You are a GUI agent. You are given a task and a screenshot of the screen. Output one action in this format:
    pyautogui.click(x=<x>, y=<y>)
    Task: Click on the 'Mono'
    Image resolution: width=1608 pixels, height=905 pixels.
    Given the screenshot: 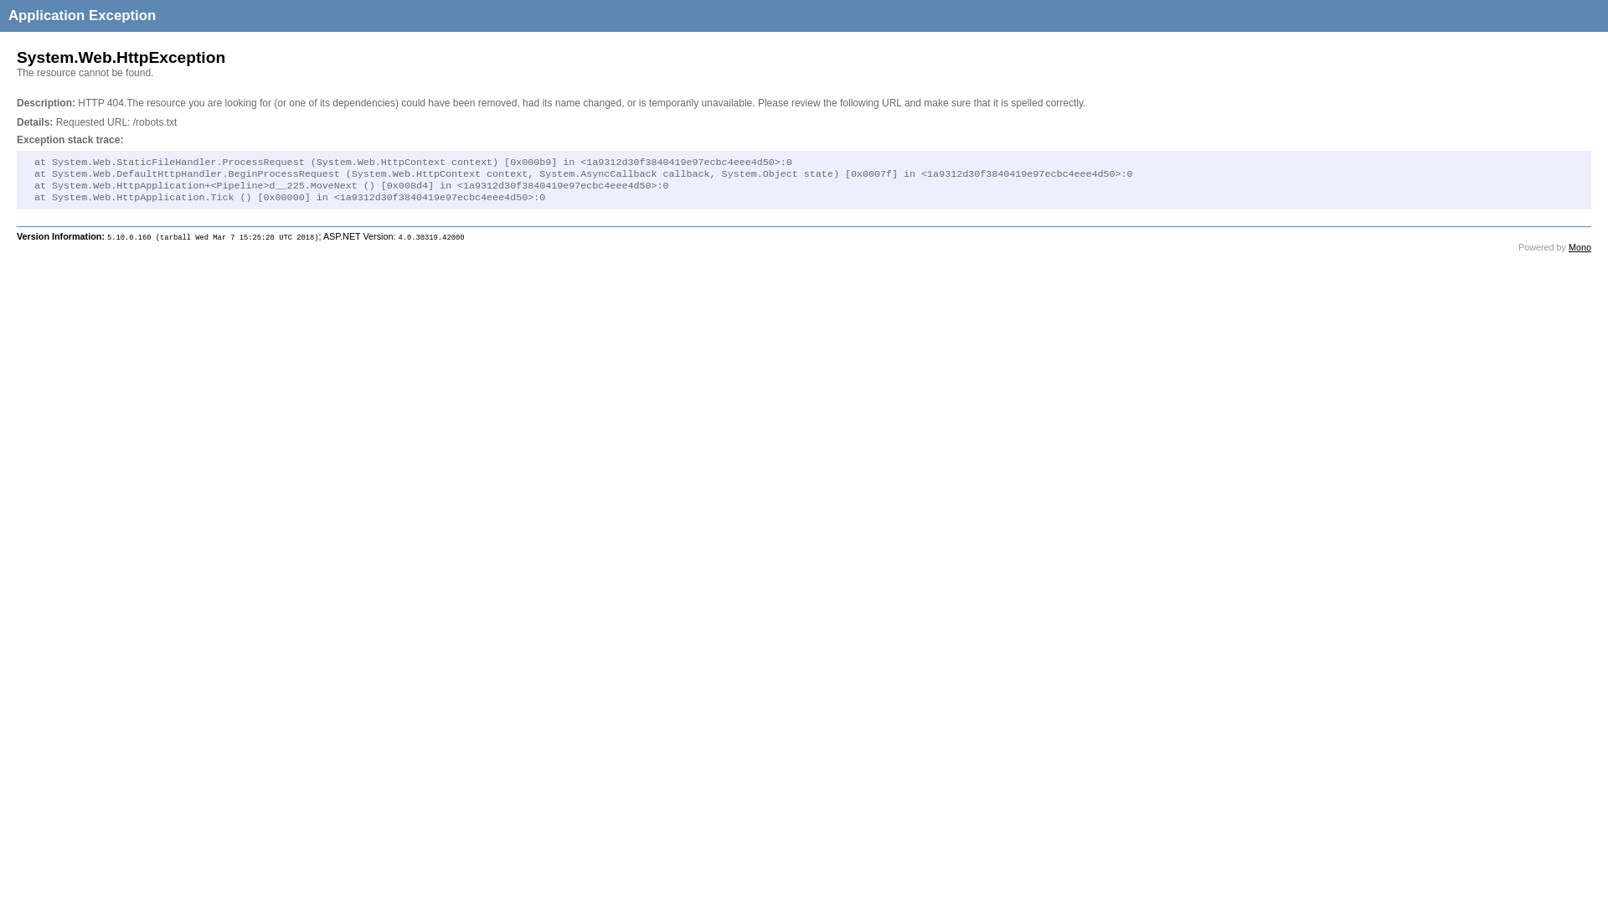 What is the action you would take?
    pyautogui.click(x=1579, y=246)
    